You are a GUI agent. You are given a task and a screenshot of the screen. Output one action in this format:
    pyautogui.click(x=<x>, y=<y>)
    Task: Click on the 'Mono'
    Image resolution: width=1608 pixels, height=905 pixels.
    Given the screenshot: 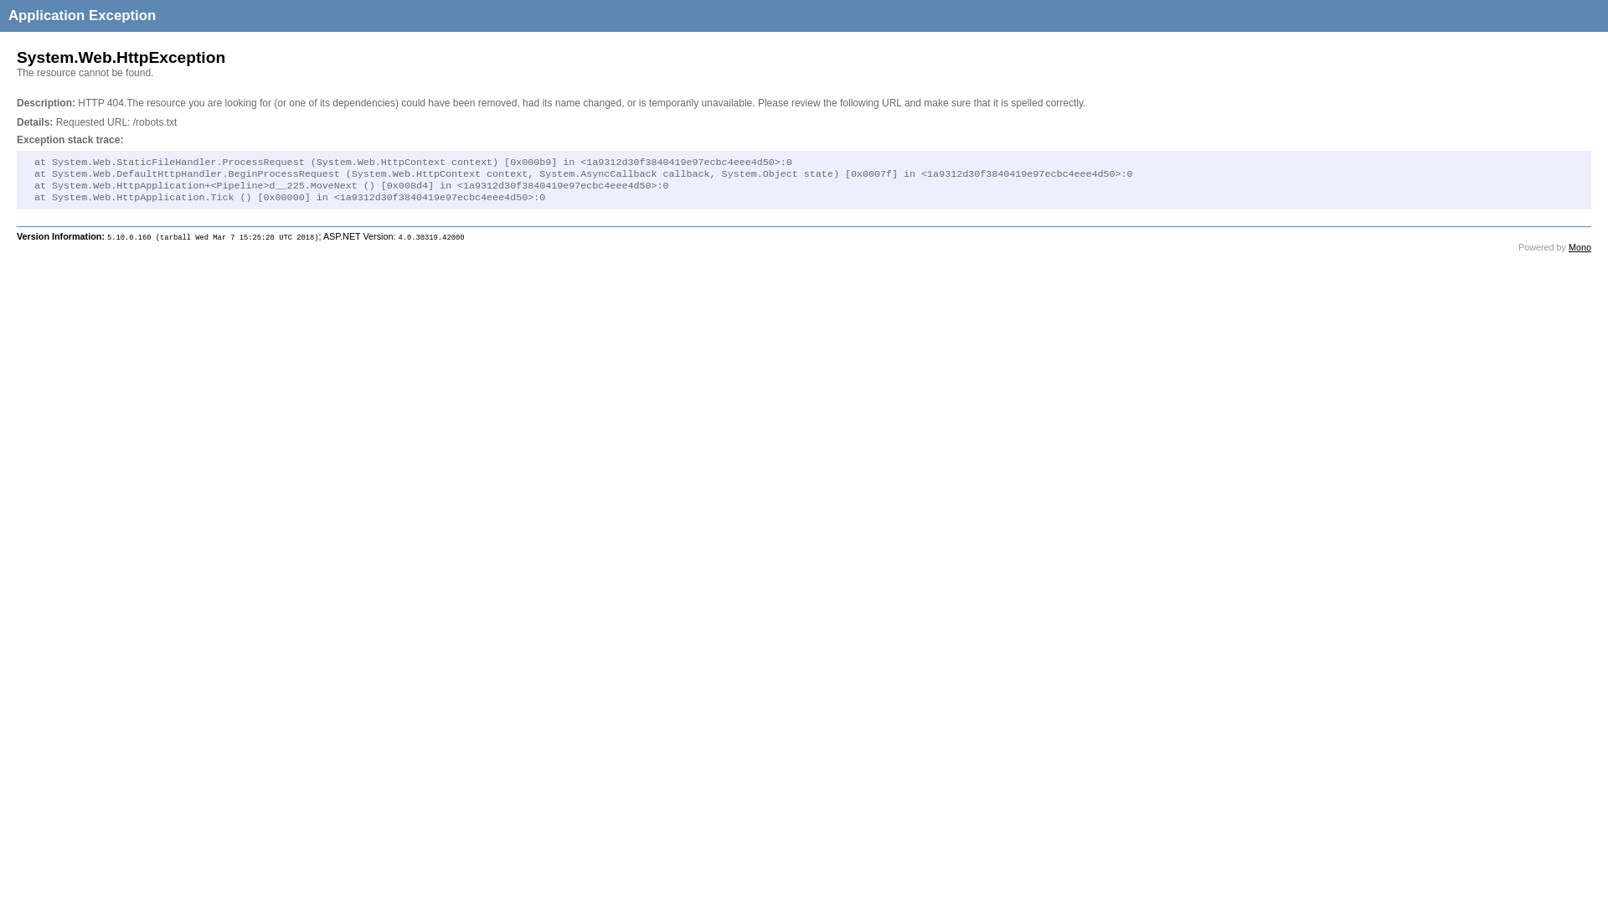 What is the action you would take?
    pyautogui.click(x=1579, y=246)
    